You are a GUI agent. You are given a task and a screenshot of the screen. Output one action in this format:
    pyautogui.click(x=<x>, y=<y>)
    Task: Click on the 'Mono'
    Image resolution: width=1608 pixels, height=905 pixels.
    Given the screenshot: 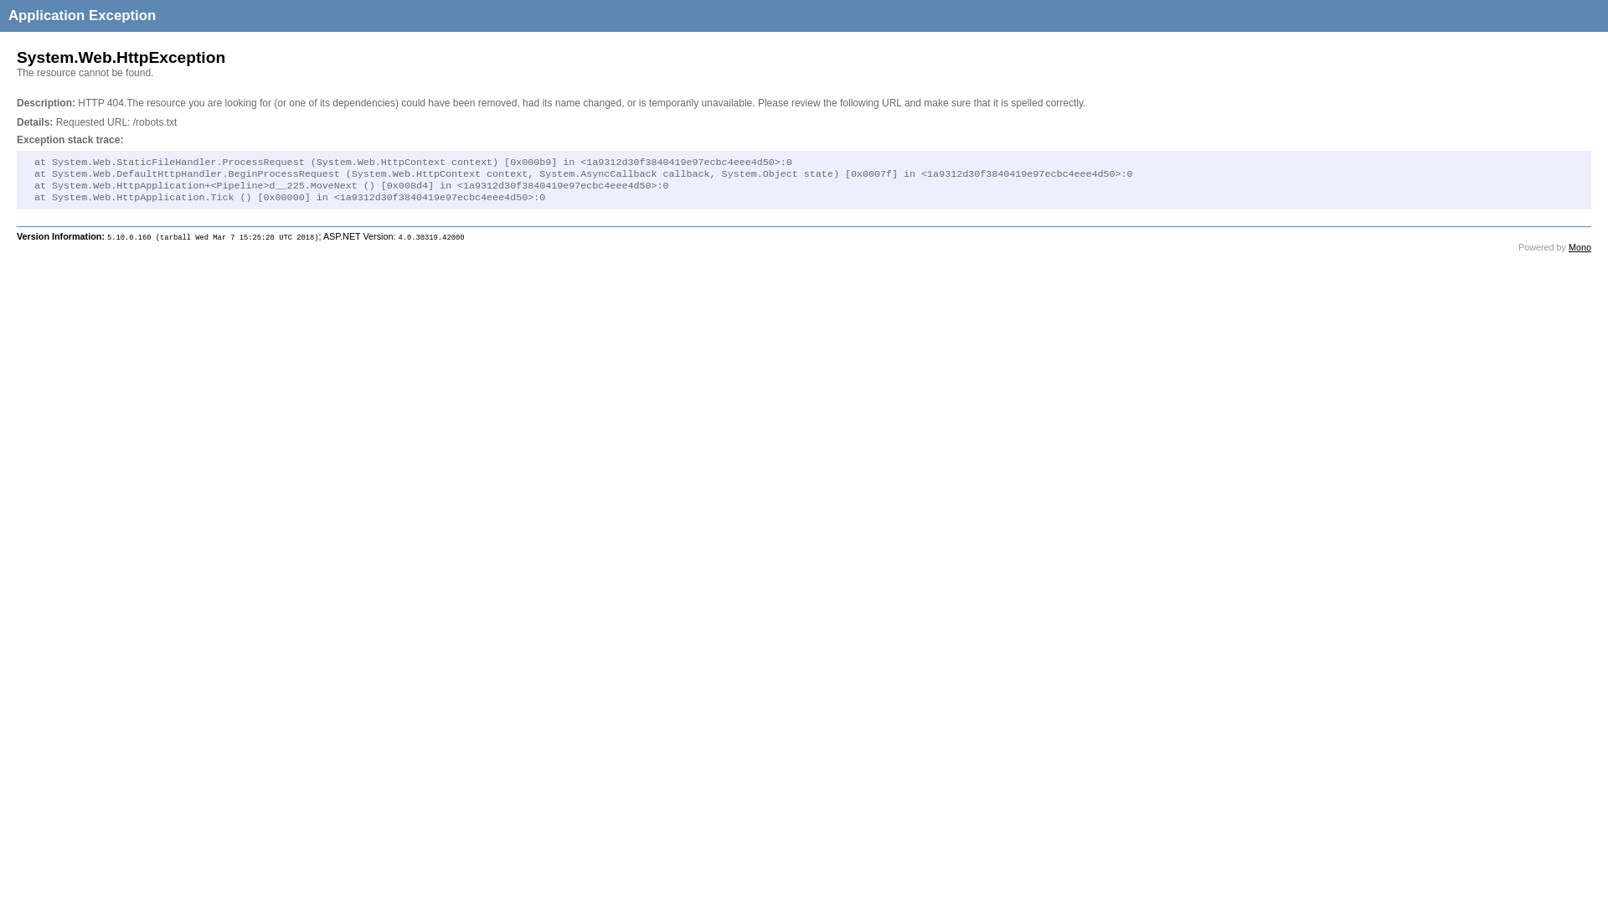 What is the action you would take?
    pyautogui.click(x=1579, y=246)
    